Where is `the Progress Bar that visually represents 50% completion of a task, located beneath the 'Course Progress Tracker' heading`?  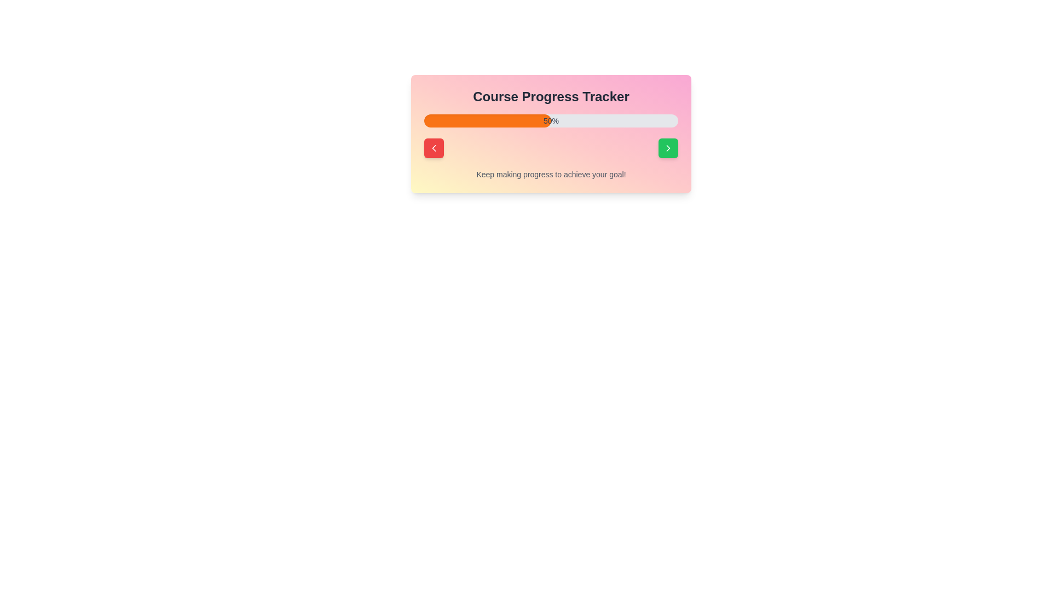
the Progress Bar that visually represents 50% completion of a task, located beneath the 'Course Progress Tracker' heading is located at coordinates (551, 120).